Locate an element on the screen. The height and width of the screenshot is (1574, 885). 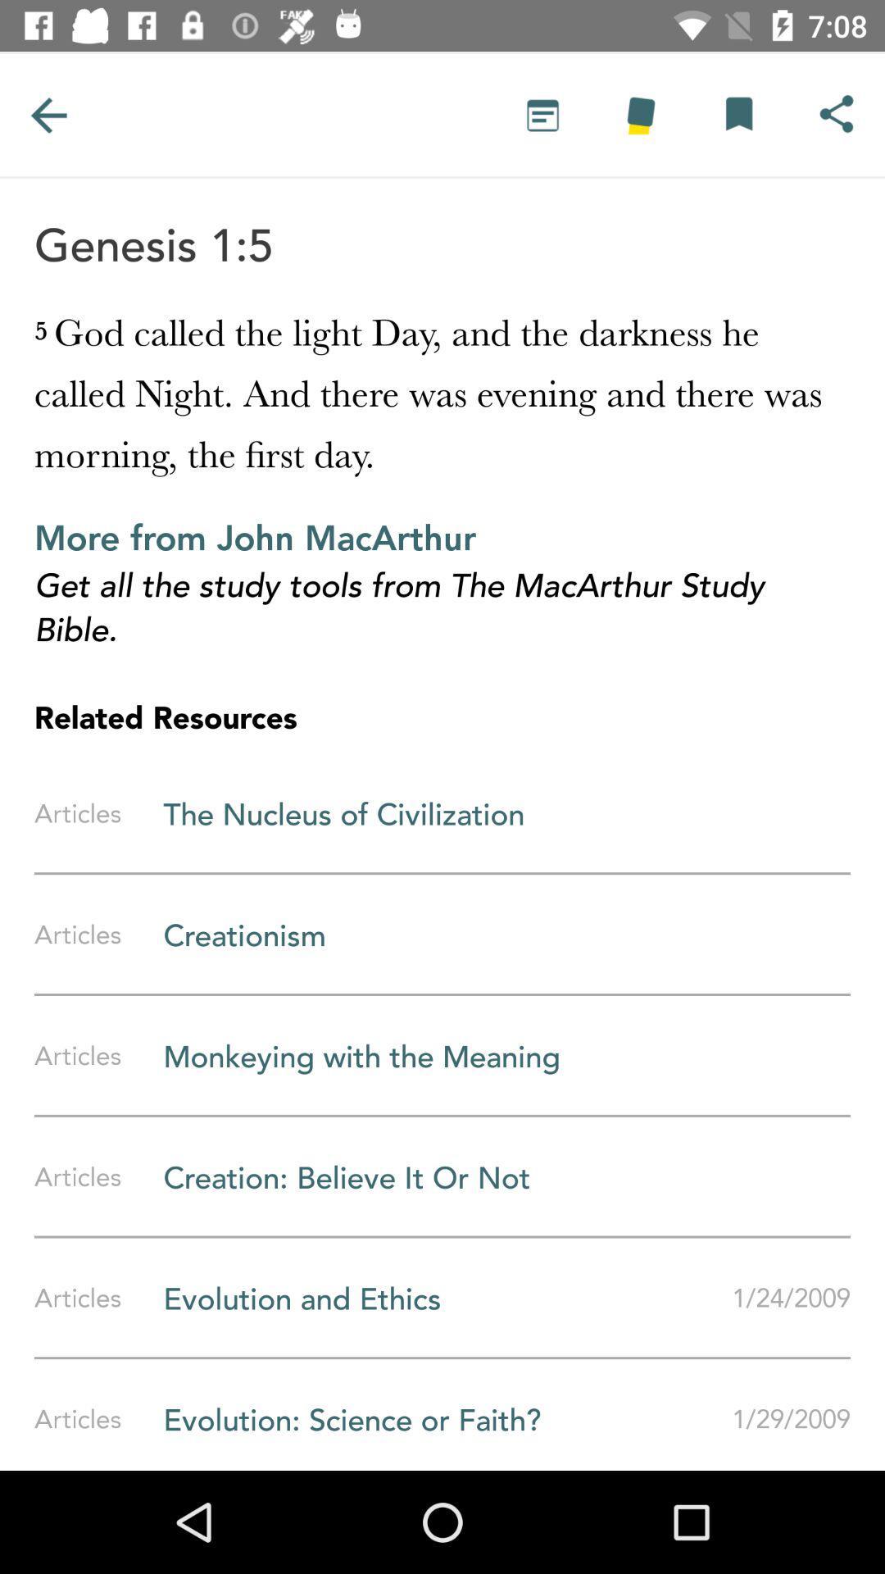
share the article is located at coordinates (738, 114).